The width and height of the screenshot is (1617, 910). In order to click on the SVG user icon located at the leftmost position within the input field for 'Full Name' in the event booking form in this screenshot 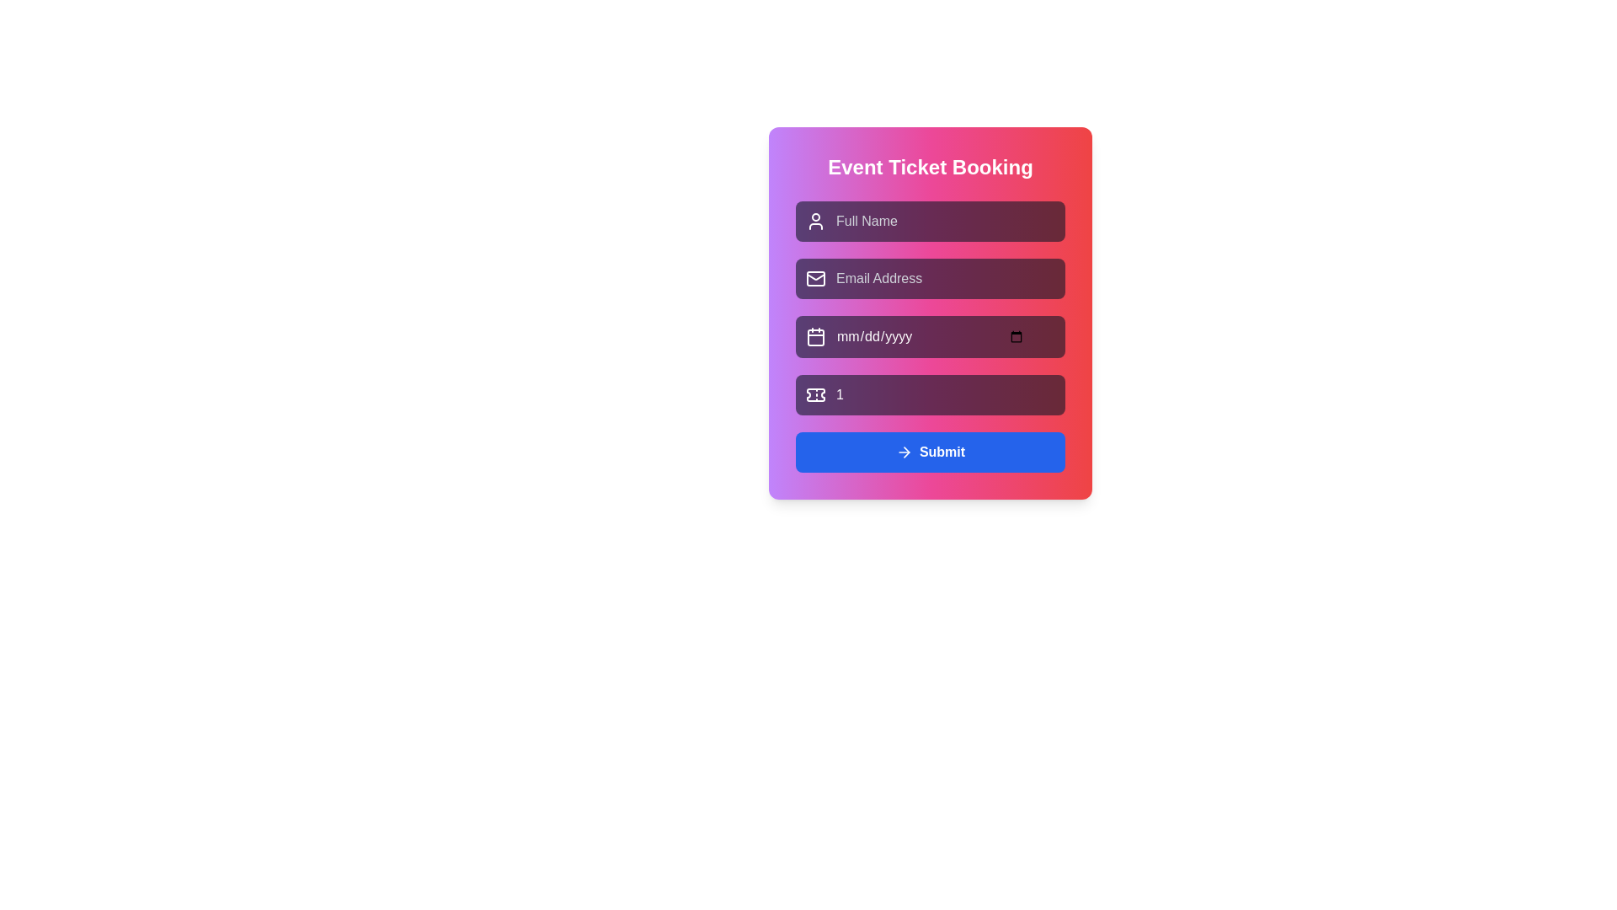, I will do `click(816, 220)`.